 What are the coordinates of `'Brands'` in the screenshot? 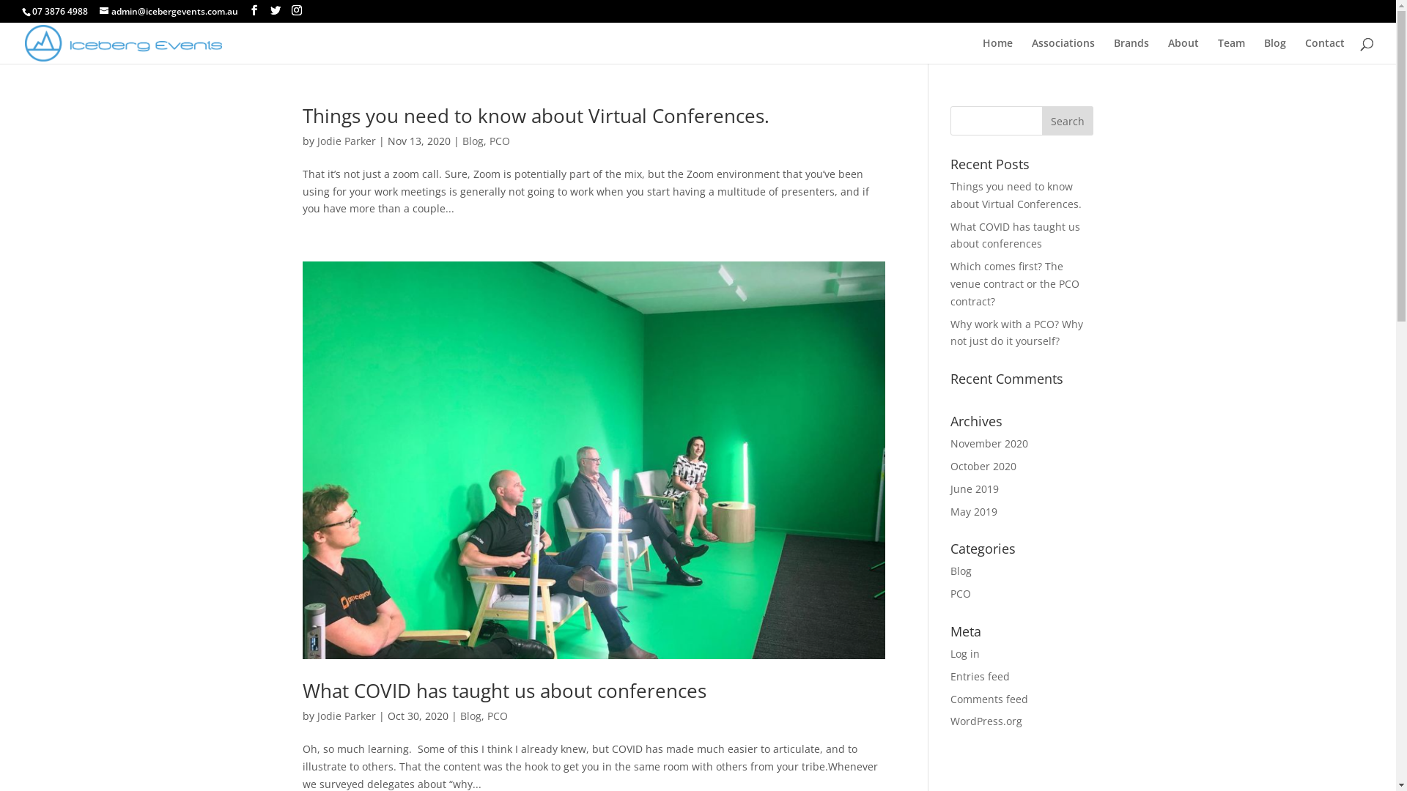 It's located at (1131, 50).